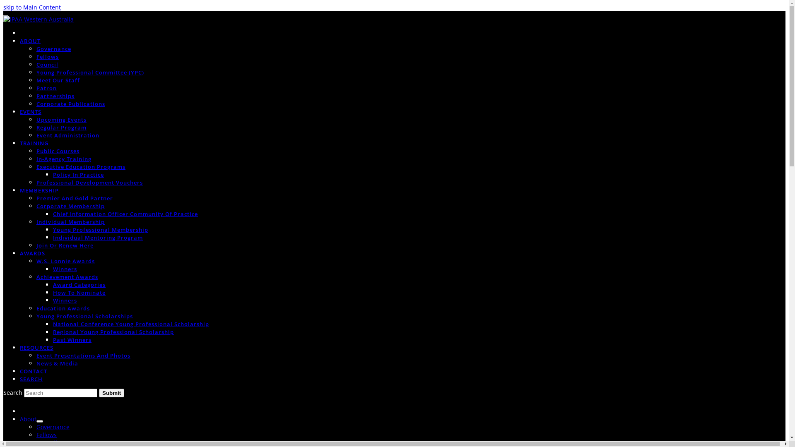  Describe the element at coordinates (79, 284) in the screenshot. I see `'Award Categories'` at that location.